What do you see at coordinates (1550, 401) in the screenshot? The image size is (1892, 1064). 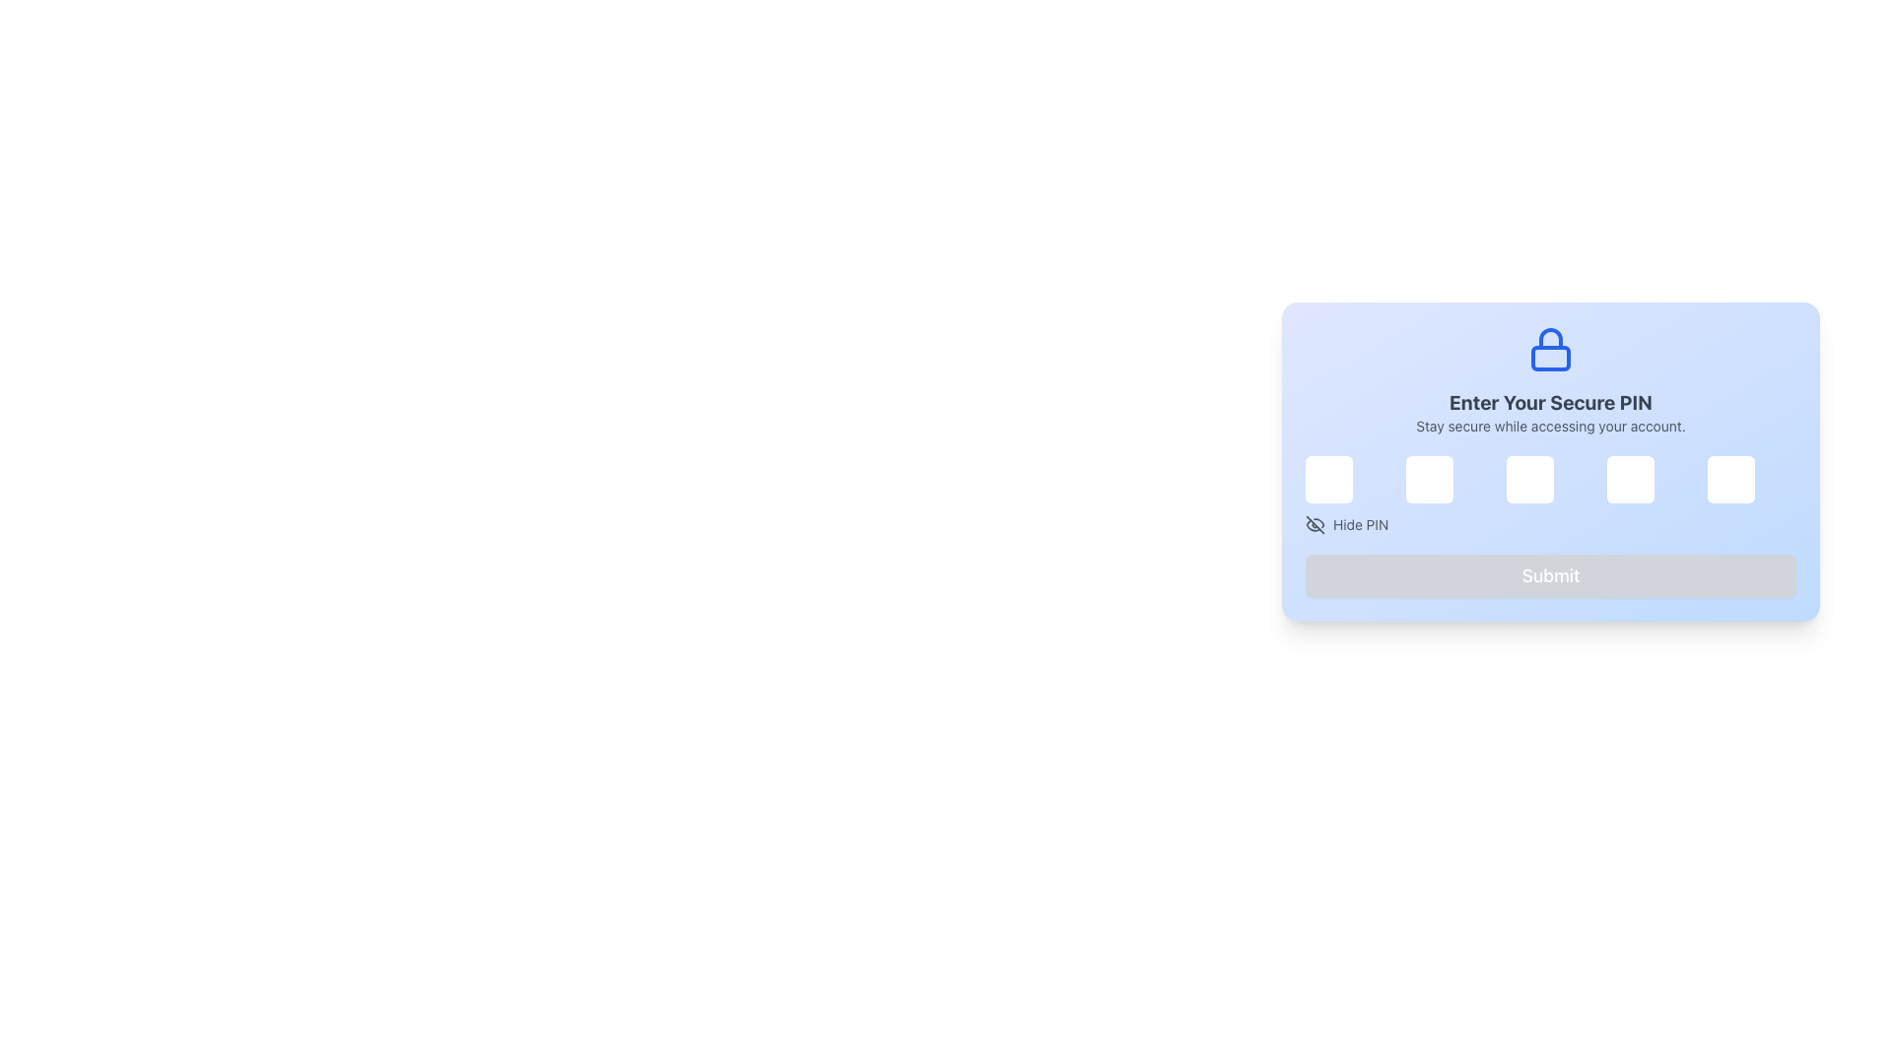 I see `text label instructing the user to enter their secure PIN, which is positioned below the lock icon and above the explanatory text` at bounding box center [1550, 401].